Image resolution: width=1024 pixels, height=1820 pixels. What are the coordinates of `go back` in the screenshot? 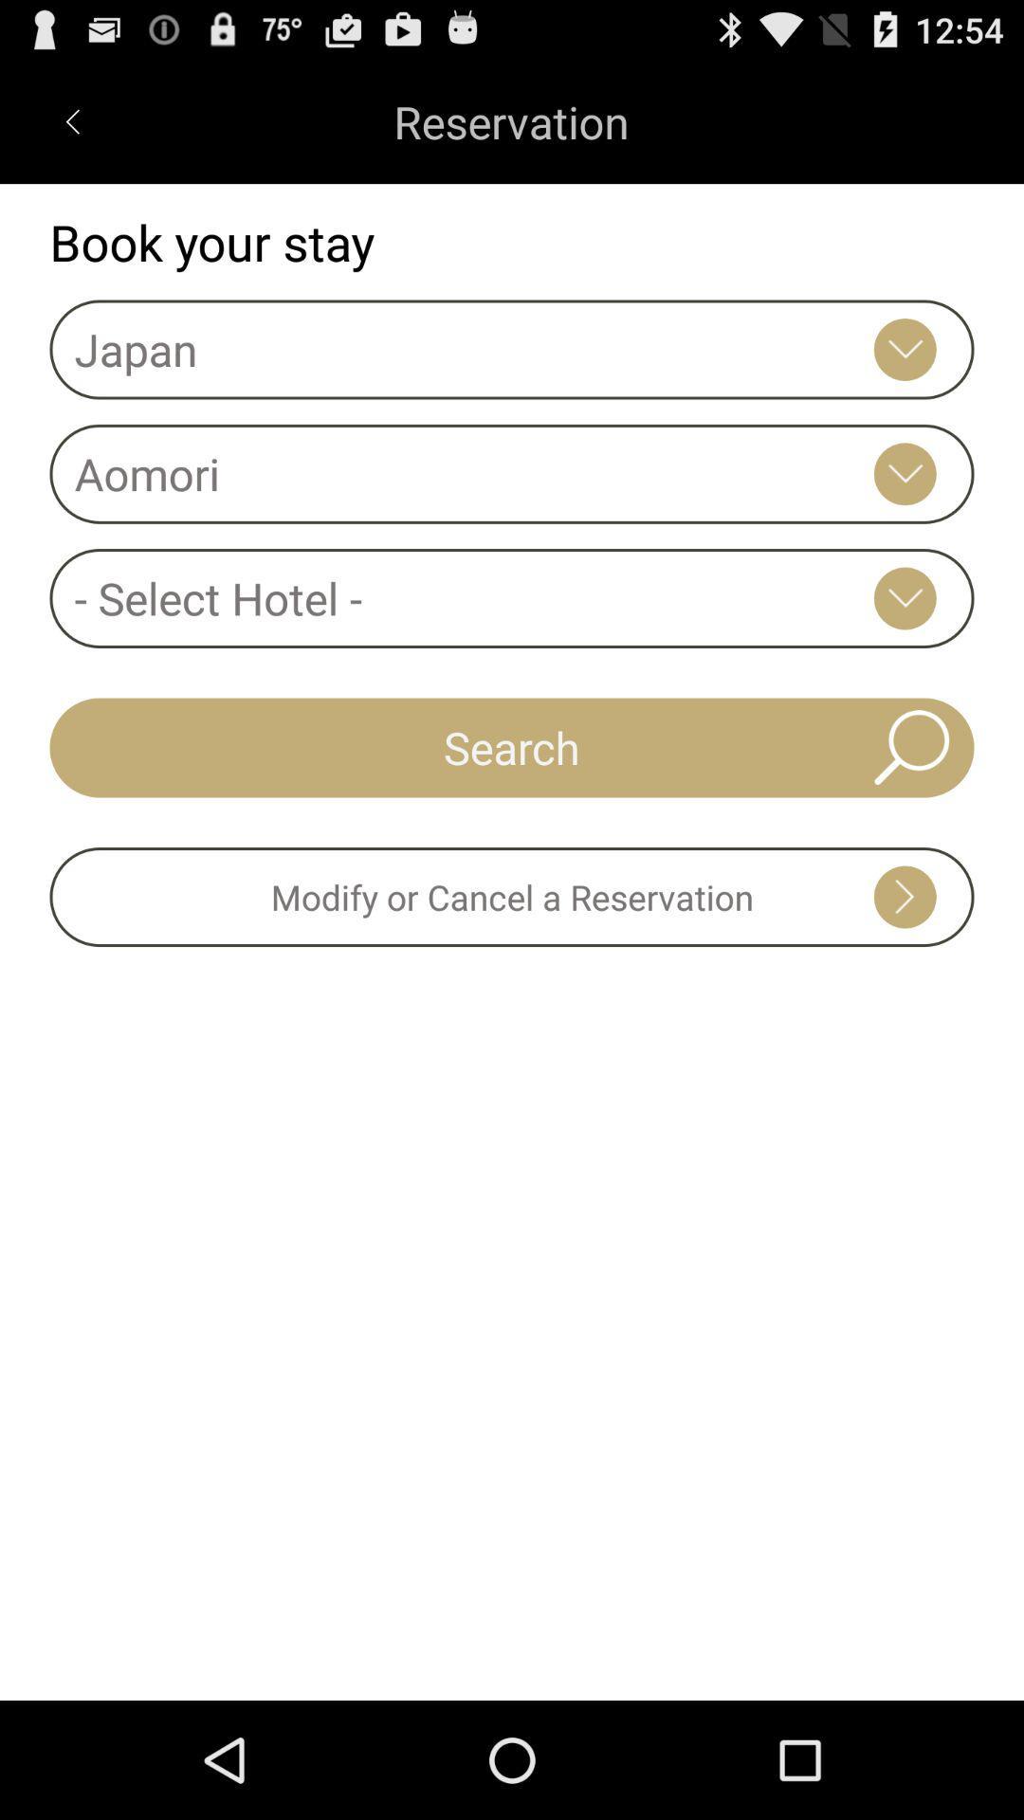 It's located at (71, 120).